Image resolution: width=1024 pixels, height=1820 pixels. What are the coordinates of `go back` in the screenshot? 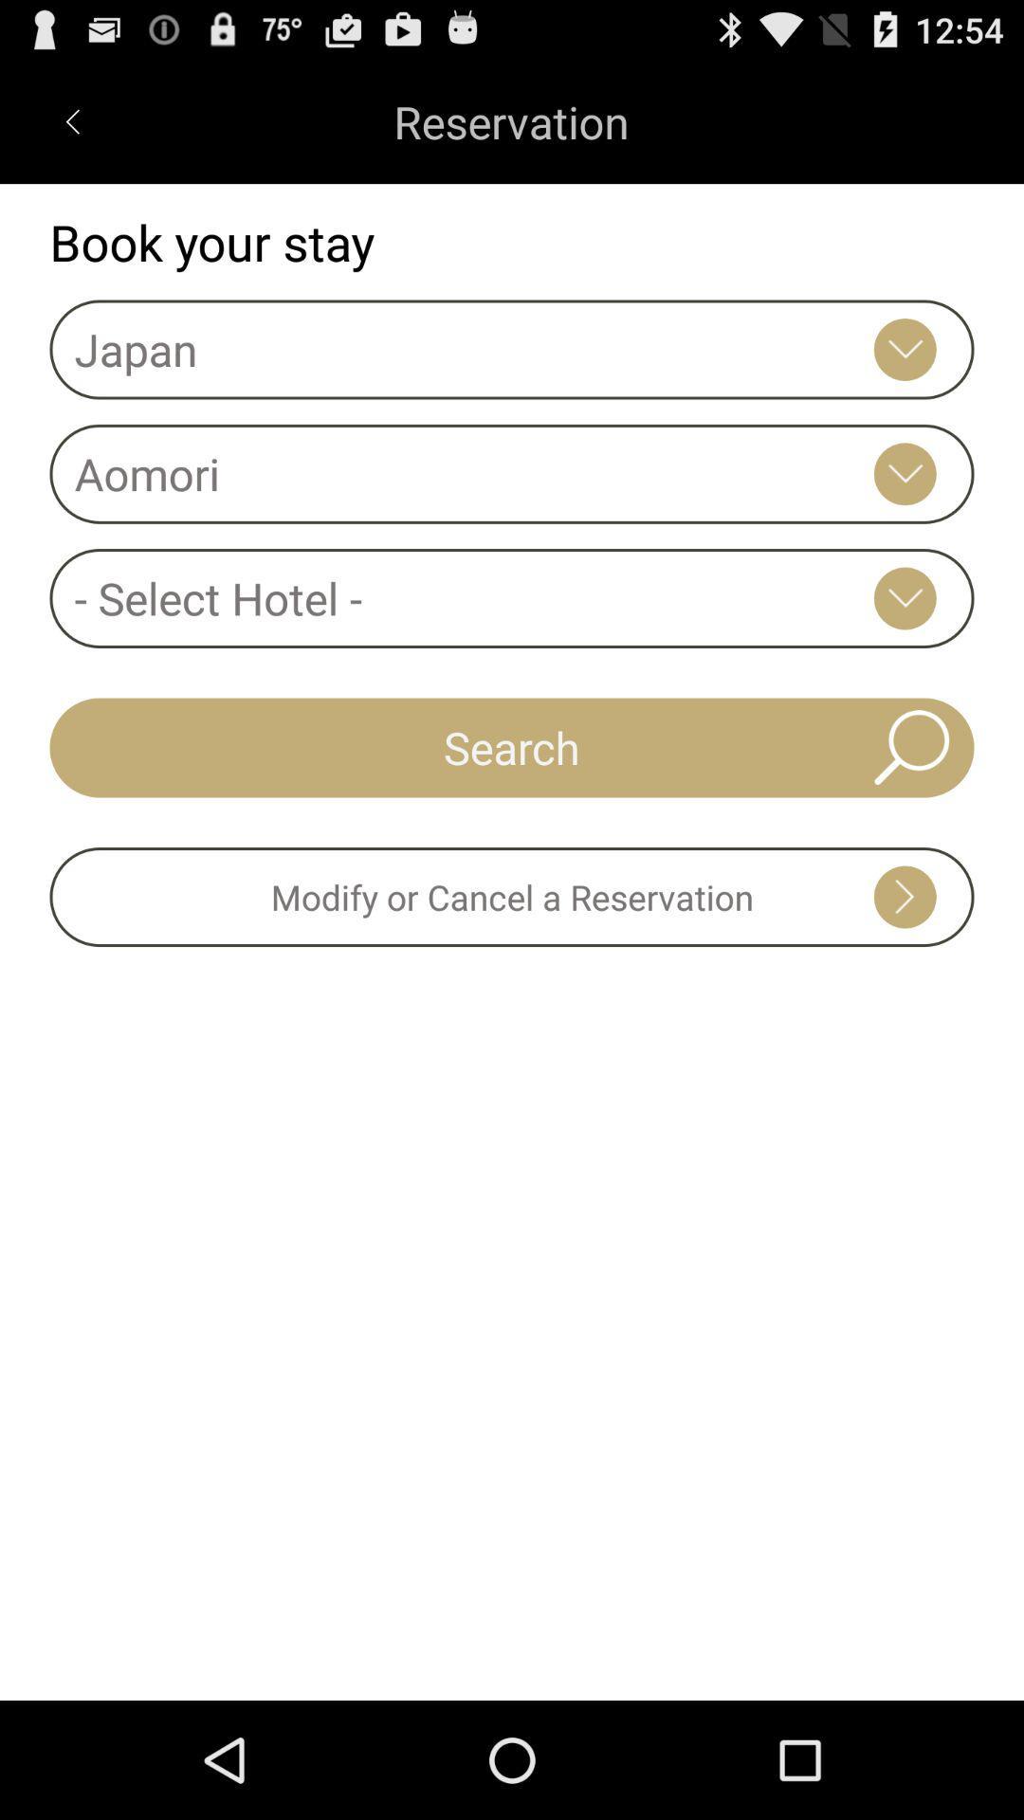 It's located at (71, 120).